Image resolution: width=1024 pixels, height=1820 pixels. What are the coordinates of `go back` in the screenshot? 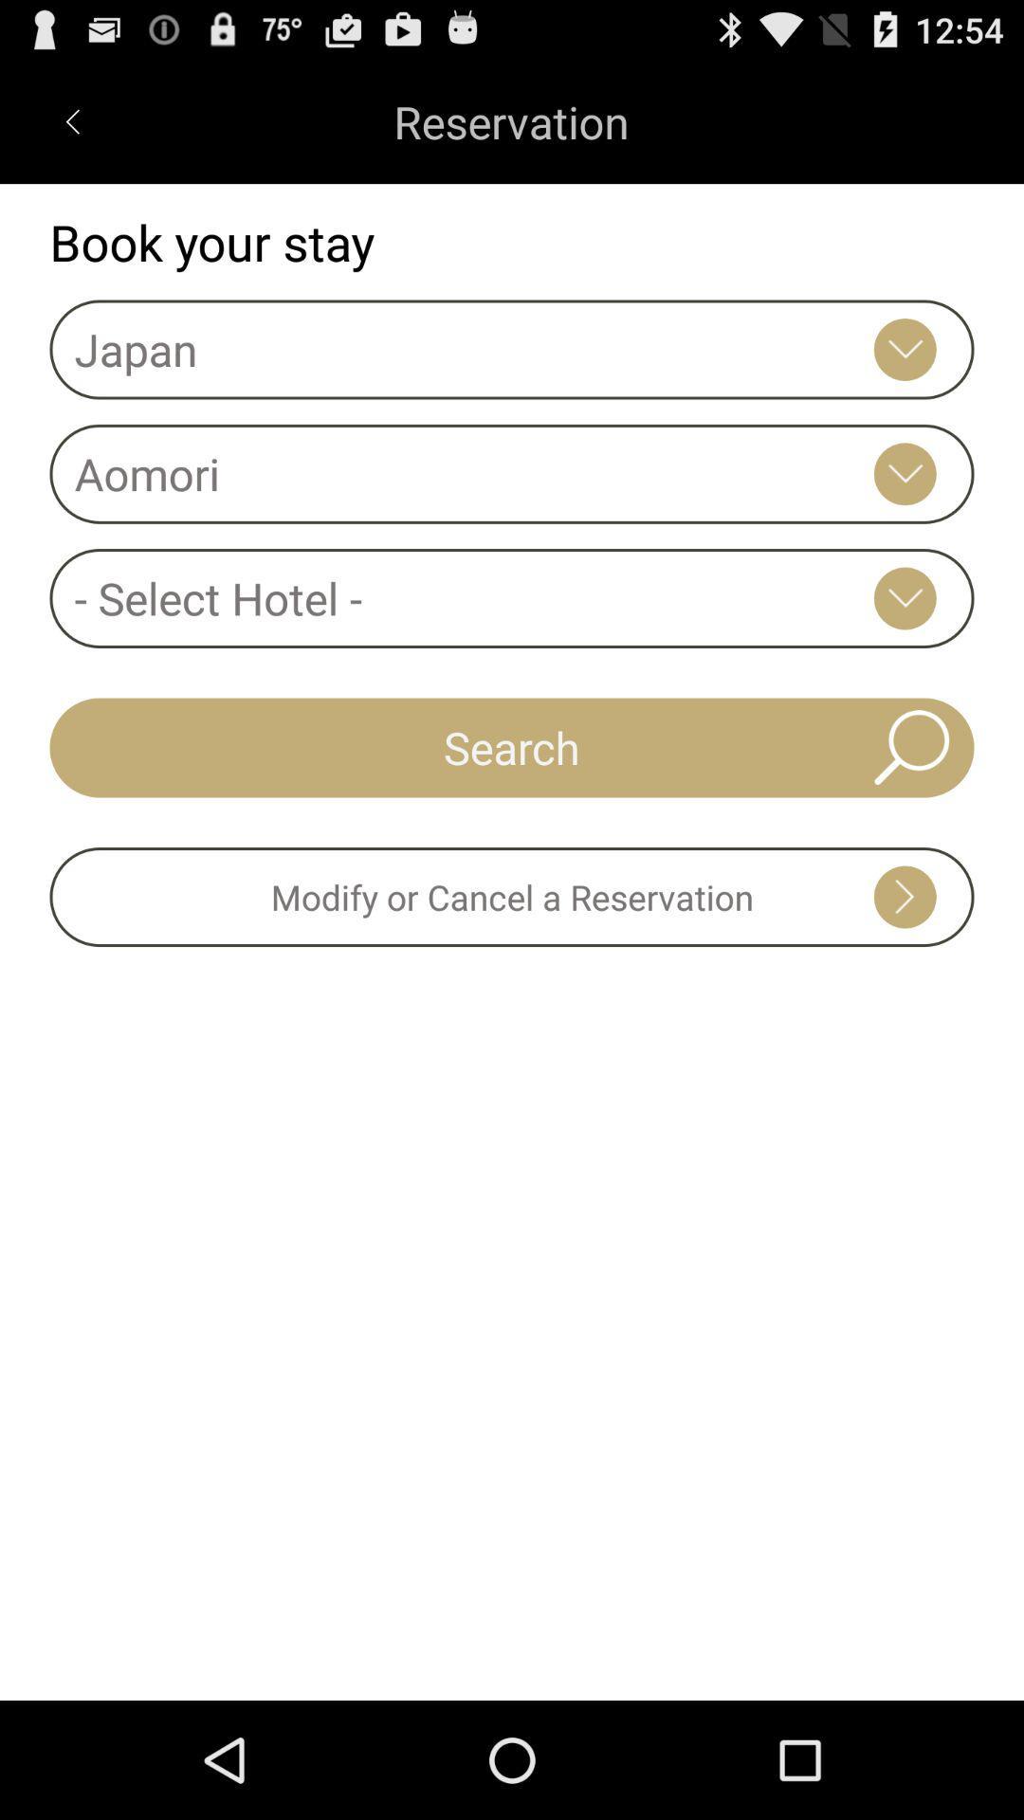 It's located at (71, 120).